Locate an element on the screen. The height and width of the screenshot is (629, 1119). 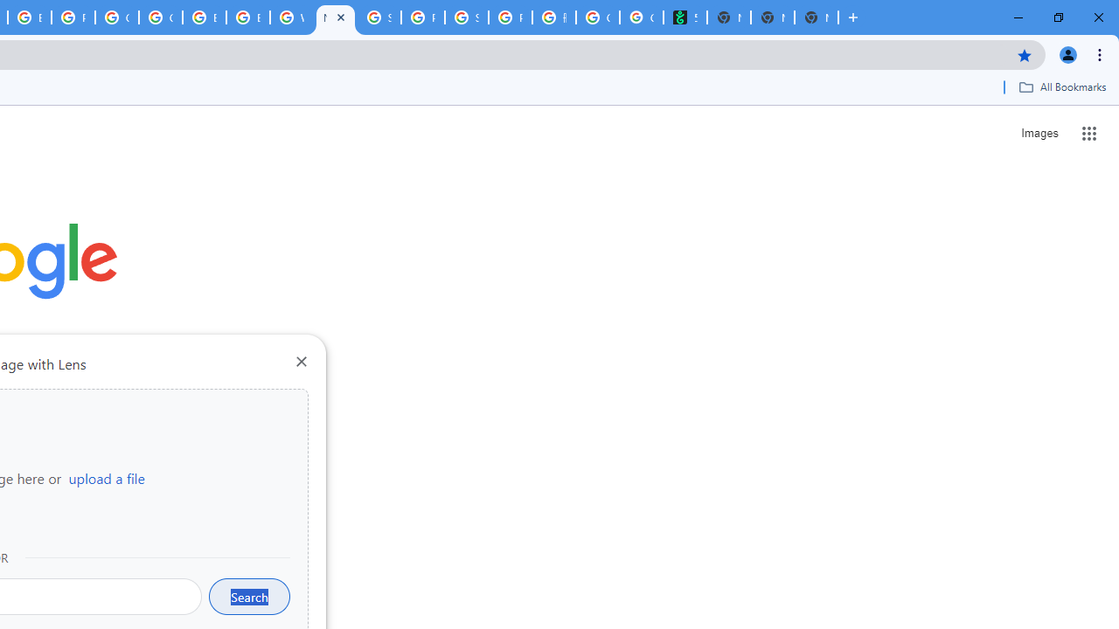
'upload a file' is located at coordinates (106, 478).